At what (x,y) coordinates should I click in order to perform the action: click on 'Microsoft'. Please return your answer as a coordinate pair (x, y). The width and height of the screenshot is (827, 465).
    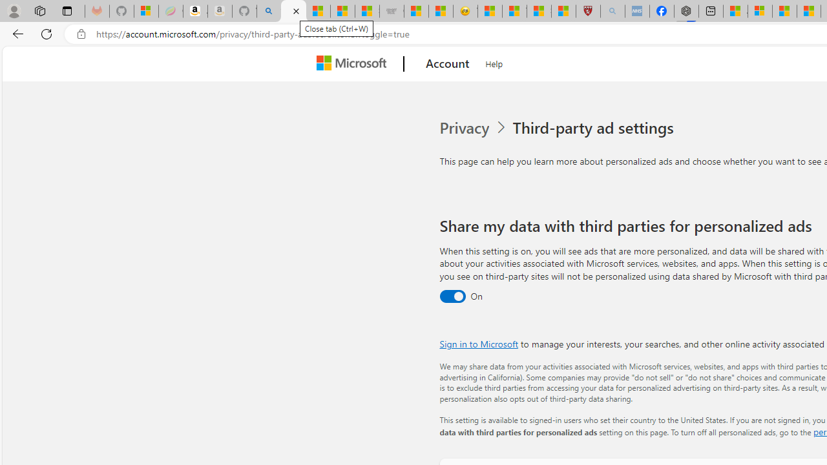
    Looking at the image, I should click on (354, 64).